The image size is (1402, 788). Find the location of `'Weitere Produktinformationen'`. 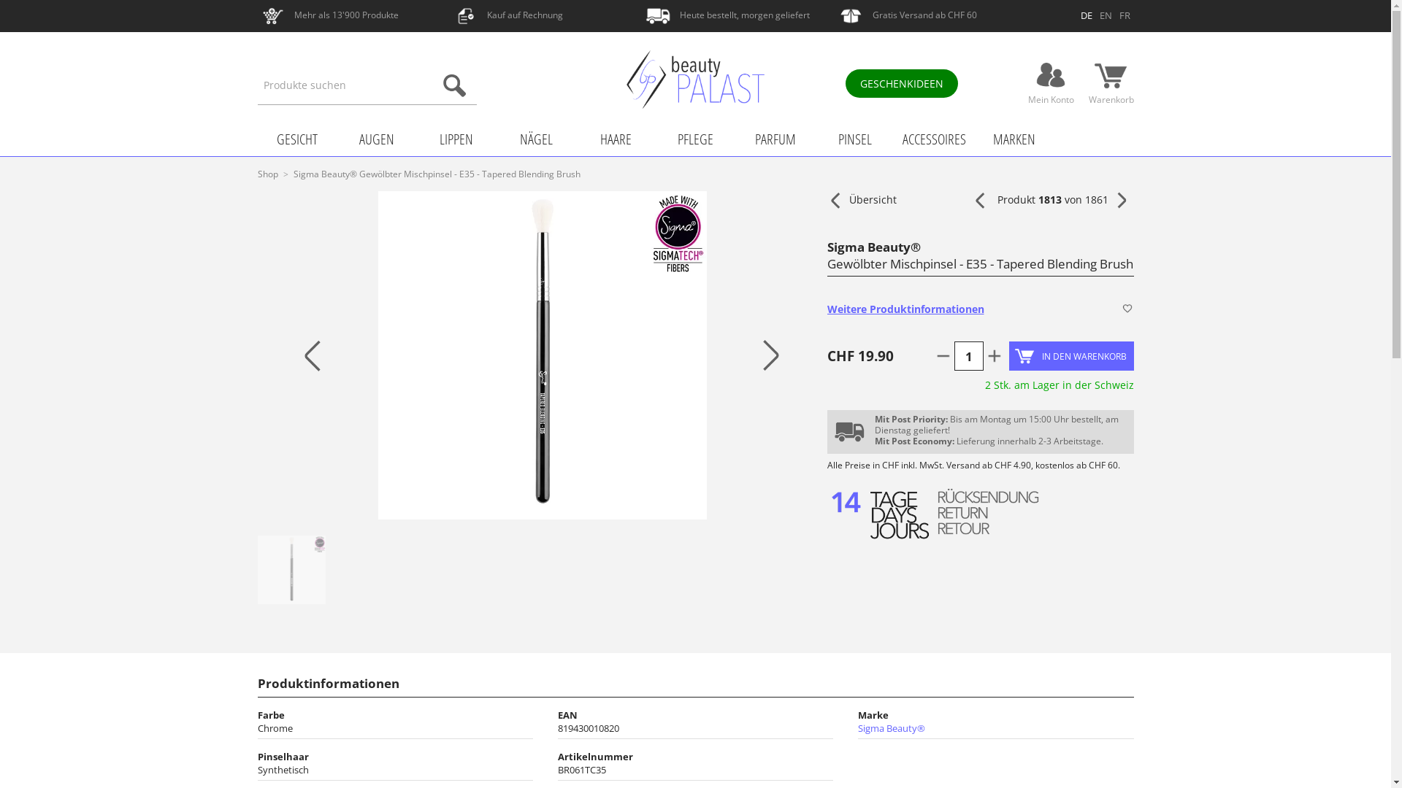

'Weitere Produktinformationen' is located at coordinates (949, 308).